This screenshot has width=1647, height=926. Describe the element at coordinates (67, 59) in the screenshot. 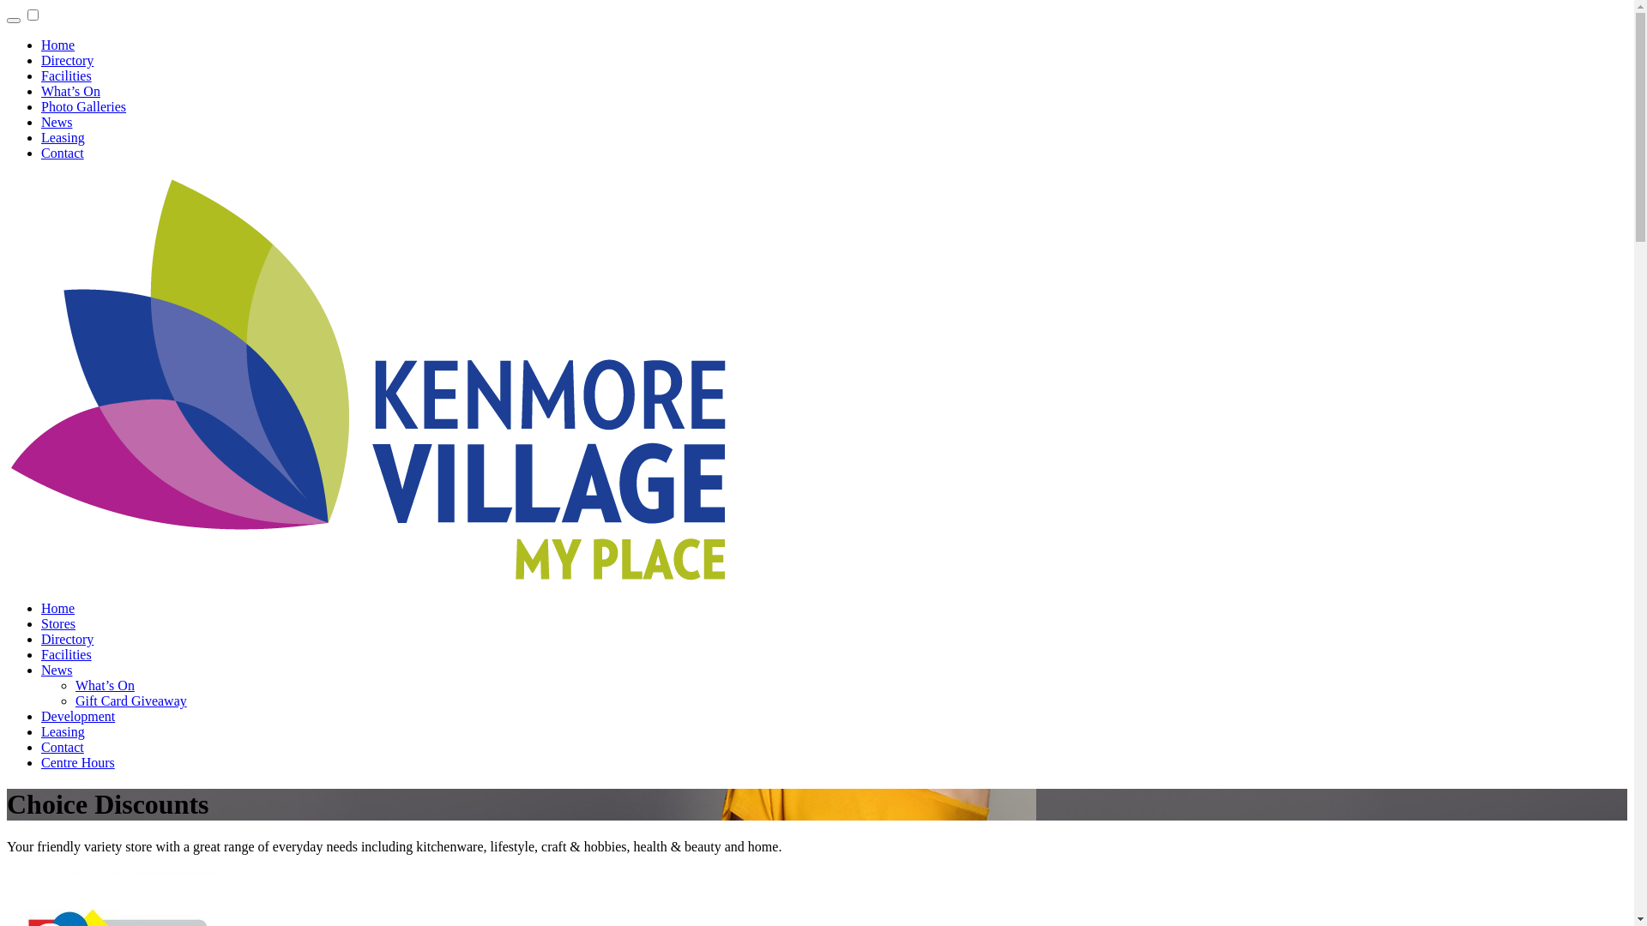

I see `'Directory'` at that location.